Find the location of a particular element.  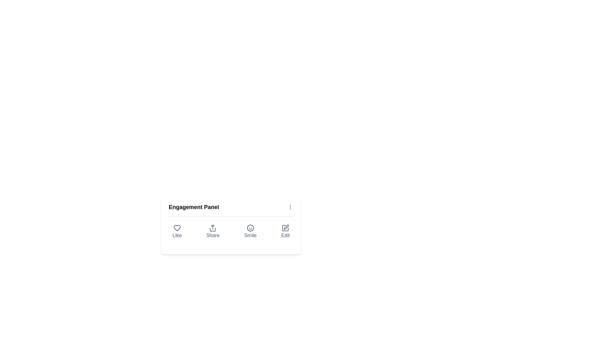

the SVG circle that is part of the smiley face icon, which is the third option in the toolbar located below the Engagement Panel heading is located at coordinates (250, 228).